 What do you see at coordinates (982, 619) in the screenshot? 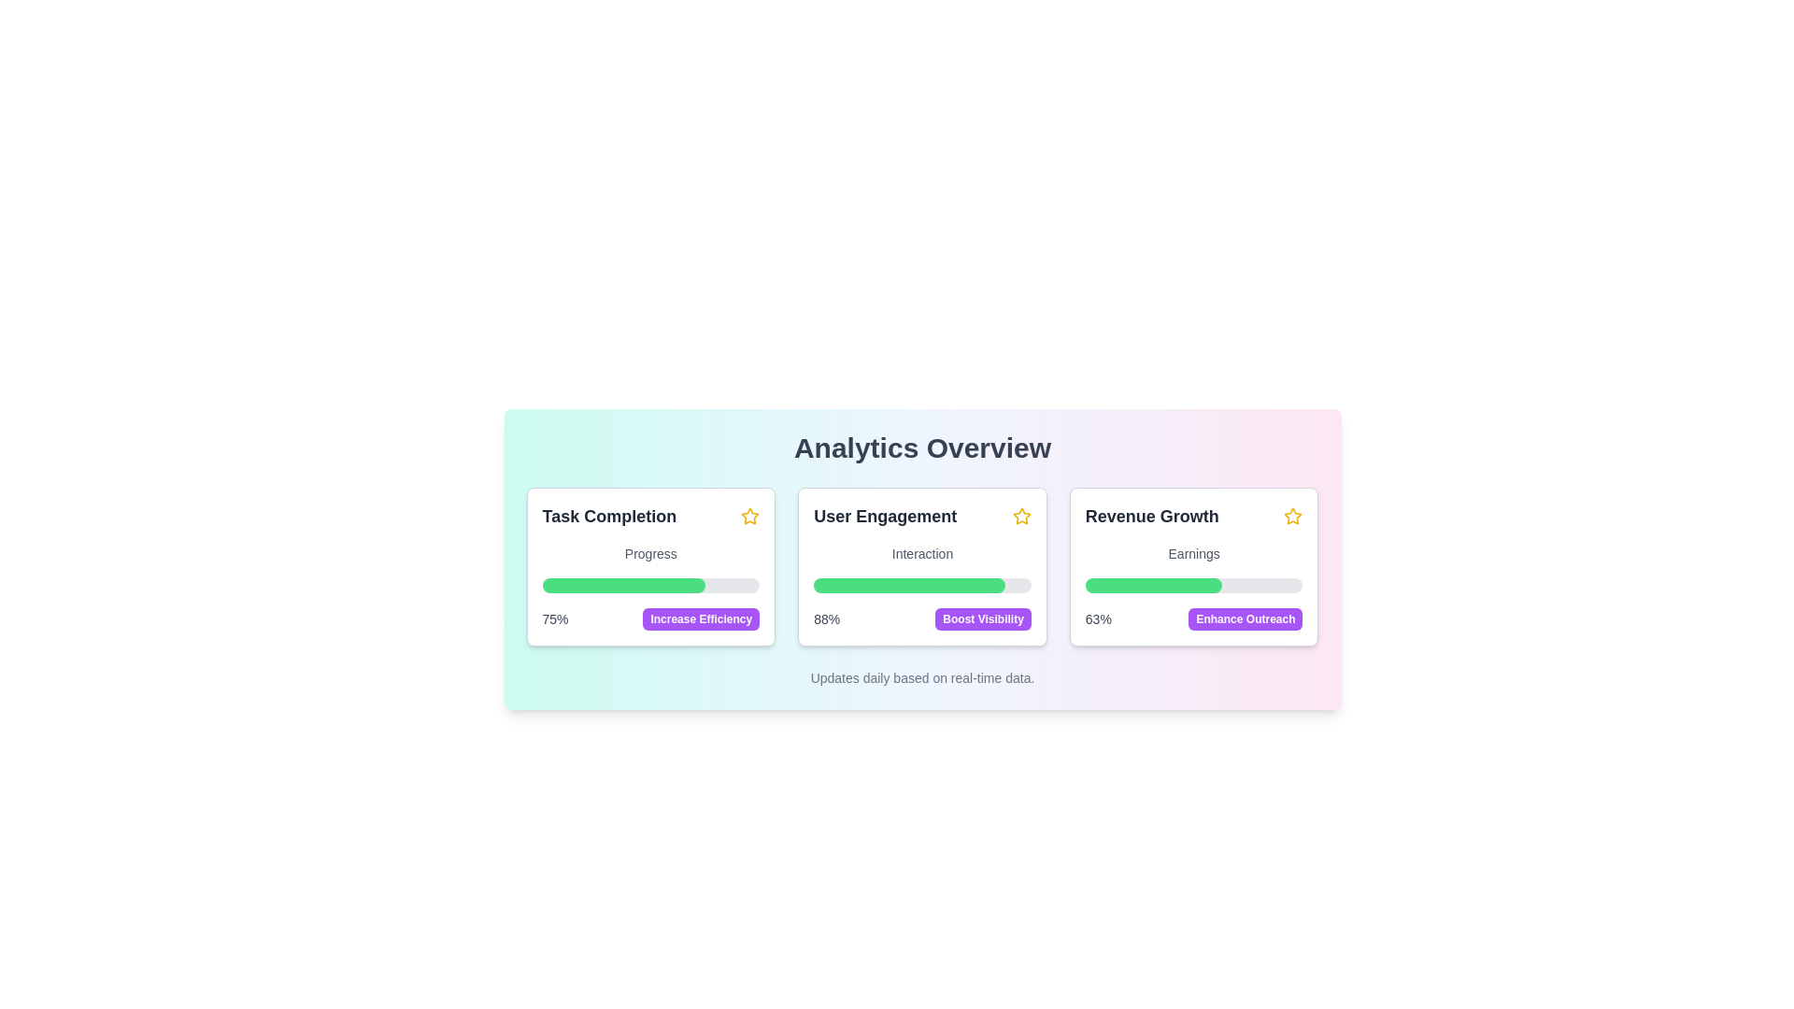
I see `the button located in the 'User Engagement' card towards the bottom right` at bounding box center [982, 619].